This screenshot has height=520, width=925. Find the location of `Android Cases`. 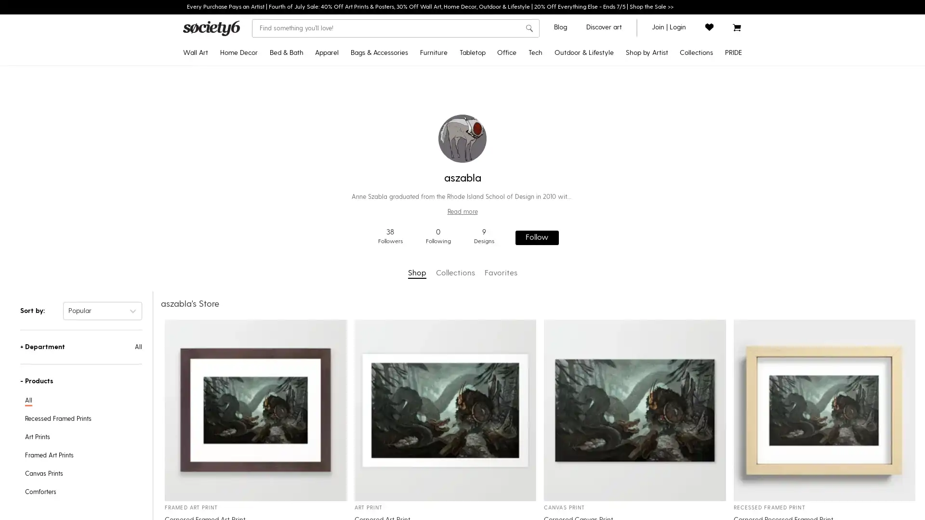

Android Cases is located at coordinates (569, 92).